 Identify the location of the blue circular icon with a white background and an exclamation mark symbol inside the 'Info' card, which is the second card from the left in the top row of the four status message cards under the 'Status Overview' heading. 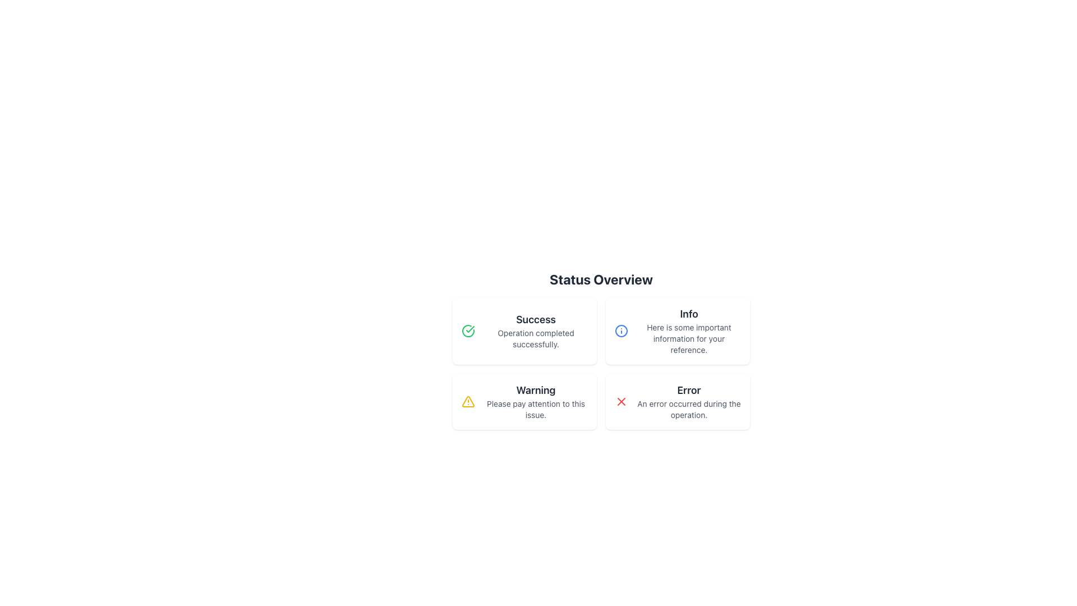
(621, 330).